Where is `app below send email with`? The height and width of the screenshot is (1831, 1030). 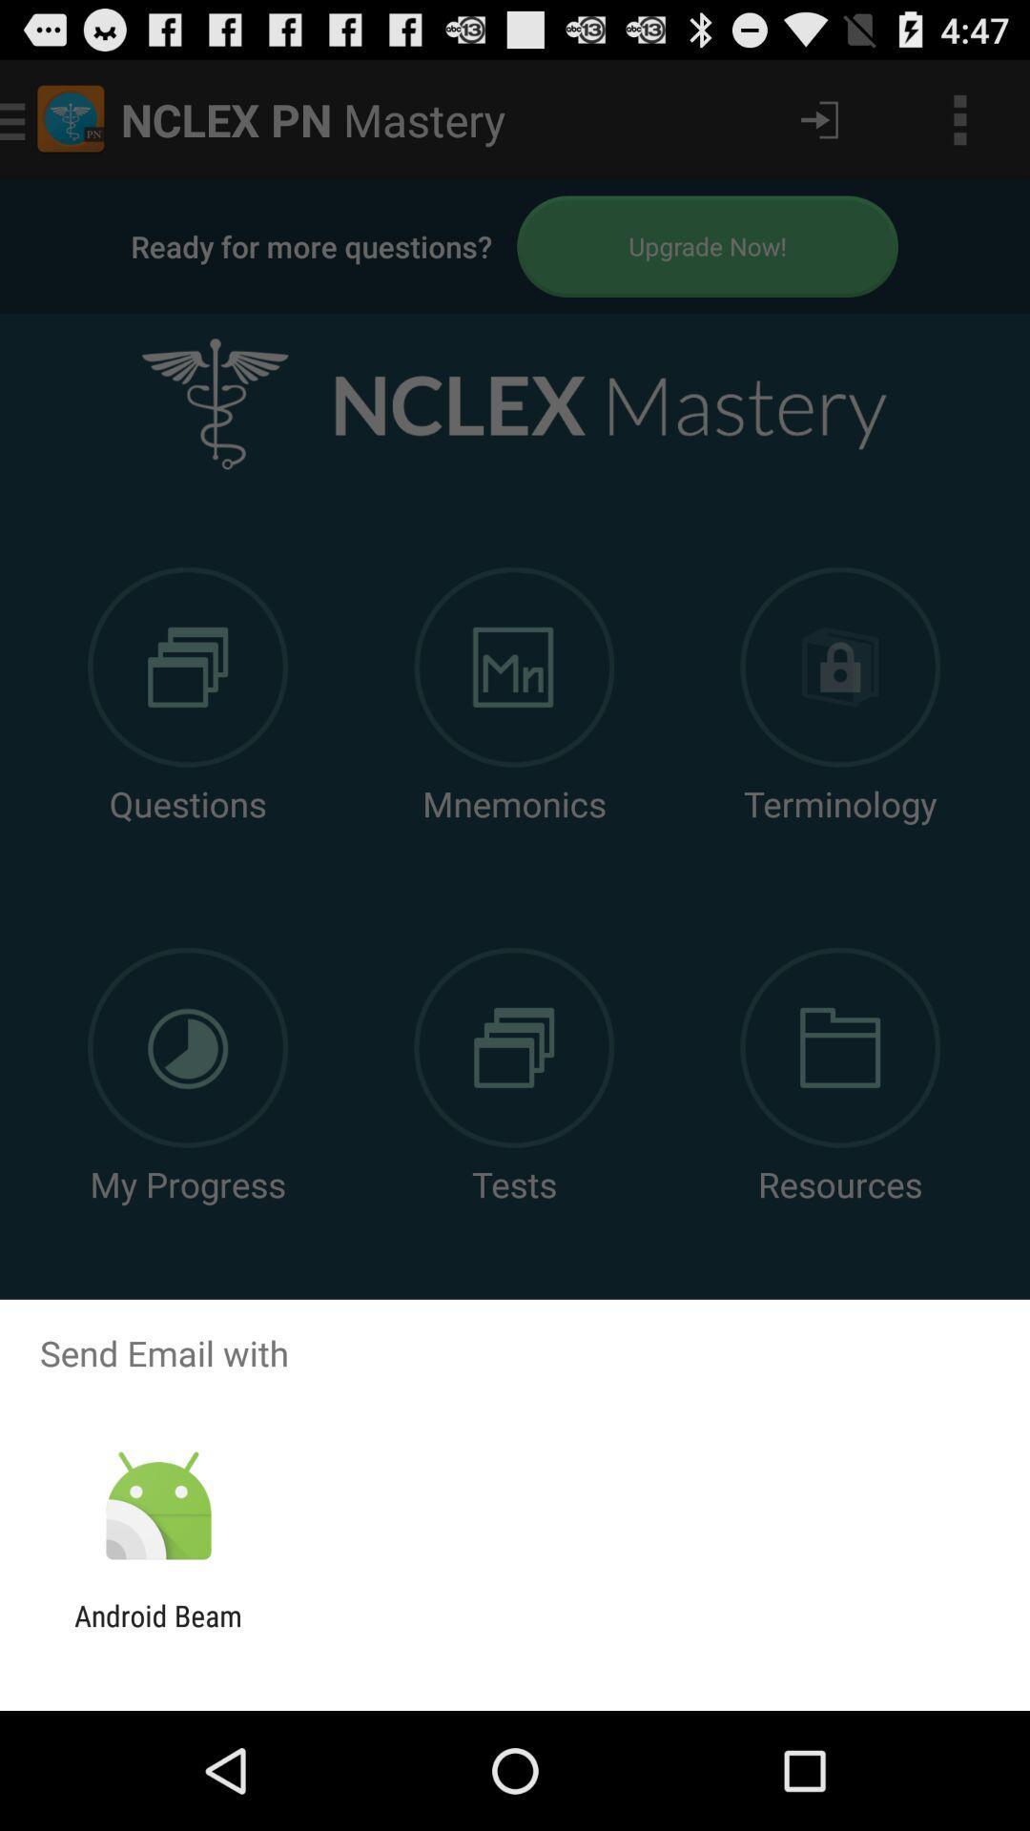
app below send email with is located at coordinates (157, 1506).